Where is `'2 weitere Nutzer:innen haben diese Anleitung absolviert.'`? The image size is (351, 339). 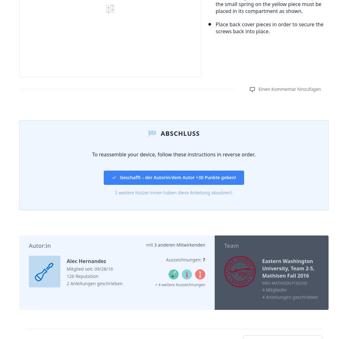
'2 weitere Nutzer:innen haben diese Anleitung absolviert.' is located at coordinates (173, 192).